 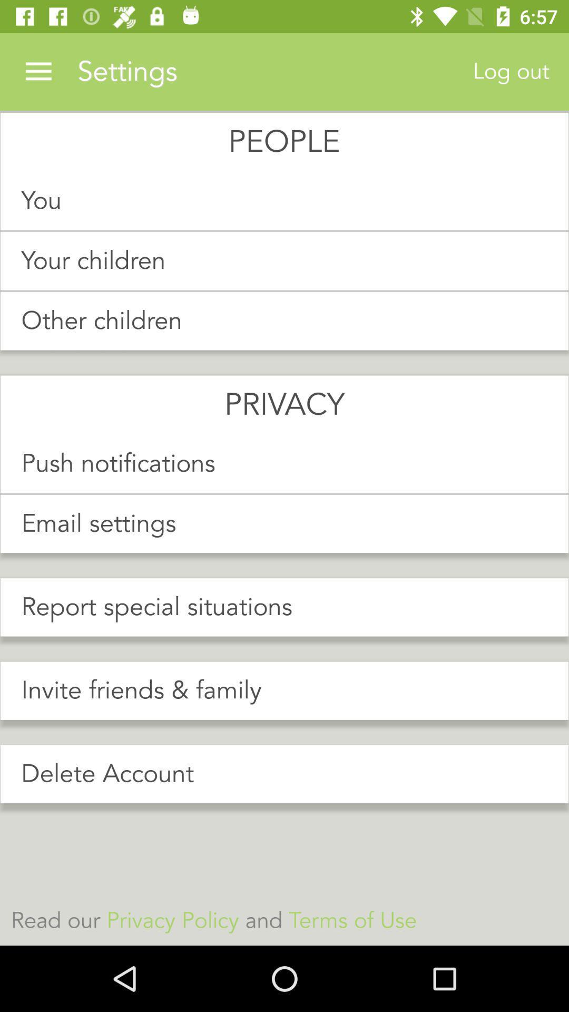 I want to click on the item below invite friends & family, so click(x=284, y=774).